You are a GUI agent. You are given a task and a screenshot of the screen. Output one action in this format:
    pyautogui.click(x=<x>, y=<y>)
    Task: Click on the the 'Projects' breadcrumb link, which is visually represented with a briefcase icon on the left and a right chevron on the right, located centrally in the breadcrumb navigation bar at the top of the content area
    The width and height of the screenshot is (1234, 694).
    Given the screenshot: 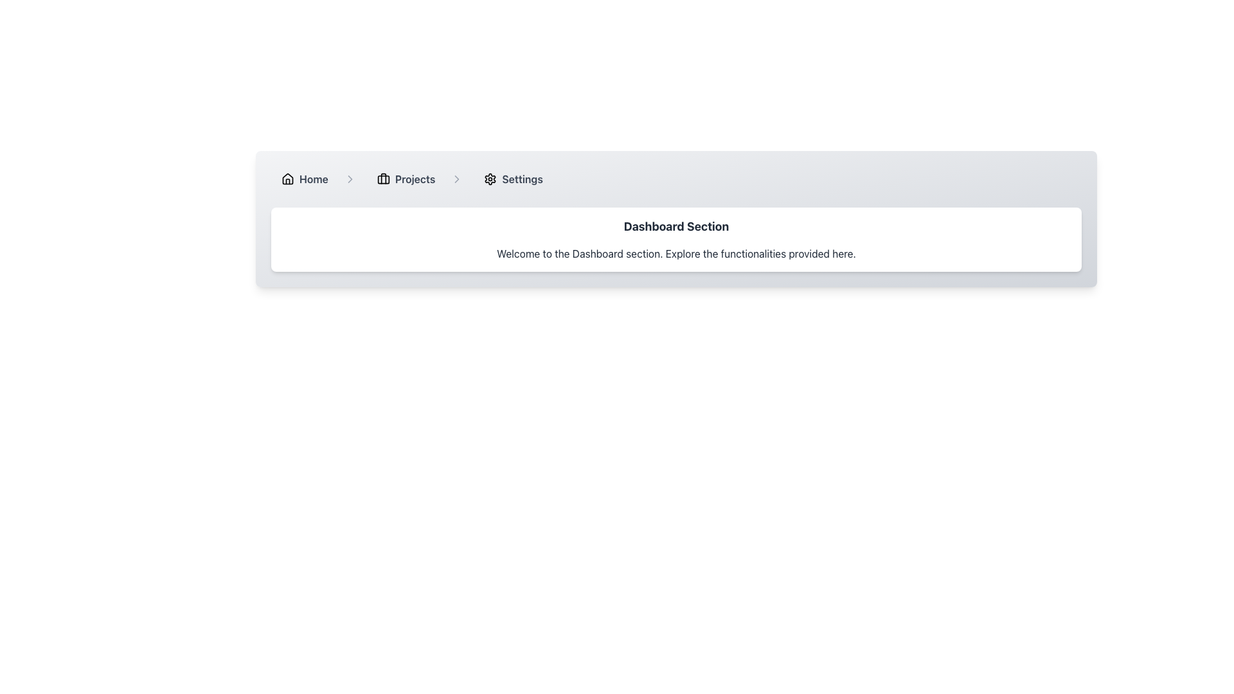 What is the action you would take?
    pyautogui.click(x=415, y=179)
    